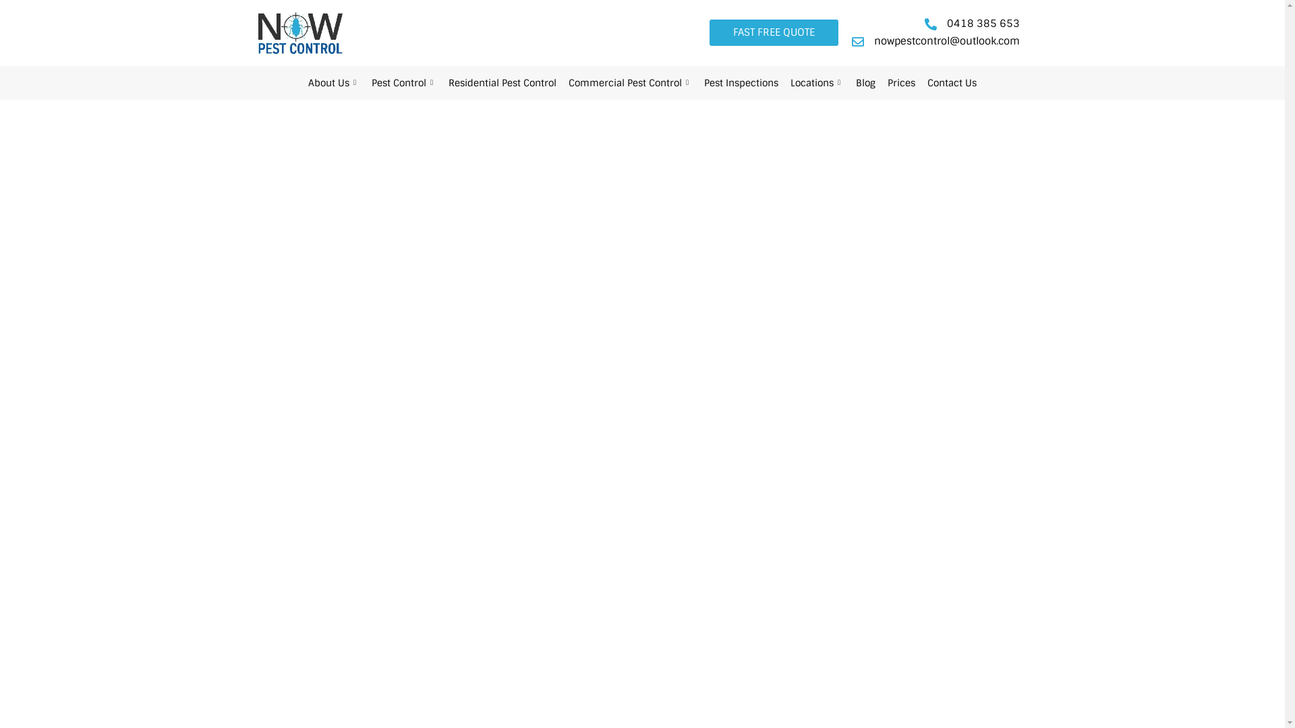 The image size is (1295, 728). What do you see at coordinates (881, 83) in the screenshot?
I see `'Prices'` at bounding box center [881, 83].